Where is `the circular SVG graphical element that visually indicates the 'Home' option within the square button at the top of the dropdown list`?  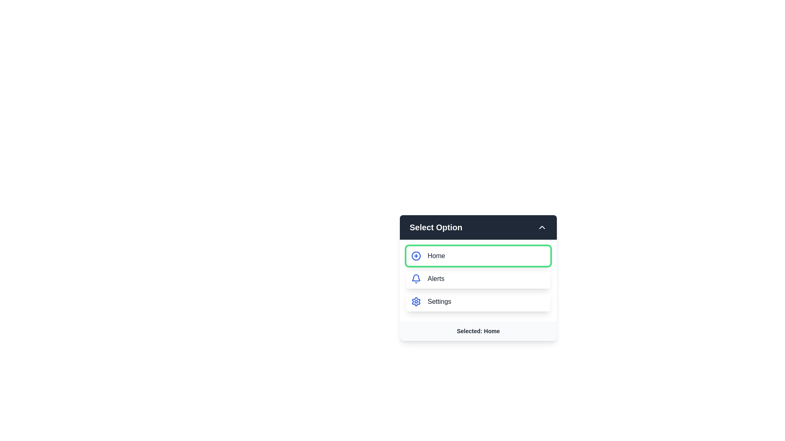
the circular SVG graphical element that visually indicates the 'Home' option within the square button at the top of the dropdown list is located at coordinates (416, 256).